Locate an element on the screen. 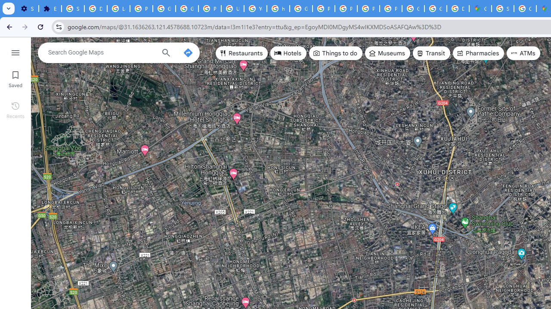 This screenshot has height=309, width=551. 'Directions' is located at coordinates (187, 53).